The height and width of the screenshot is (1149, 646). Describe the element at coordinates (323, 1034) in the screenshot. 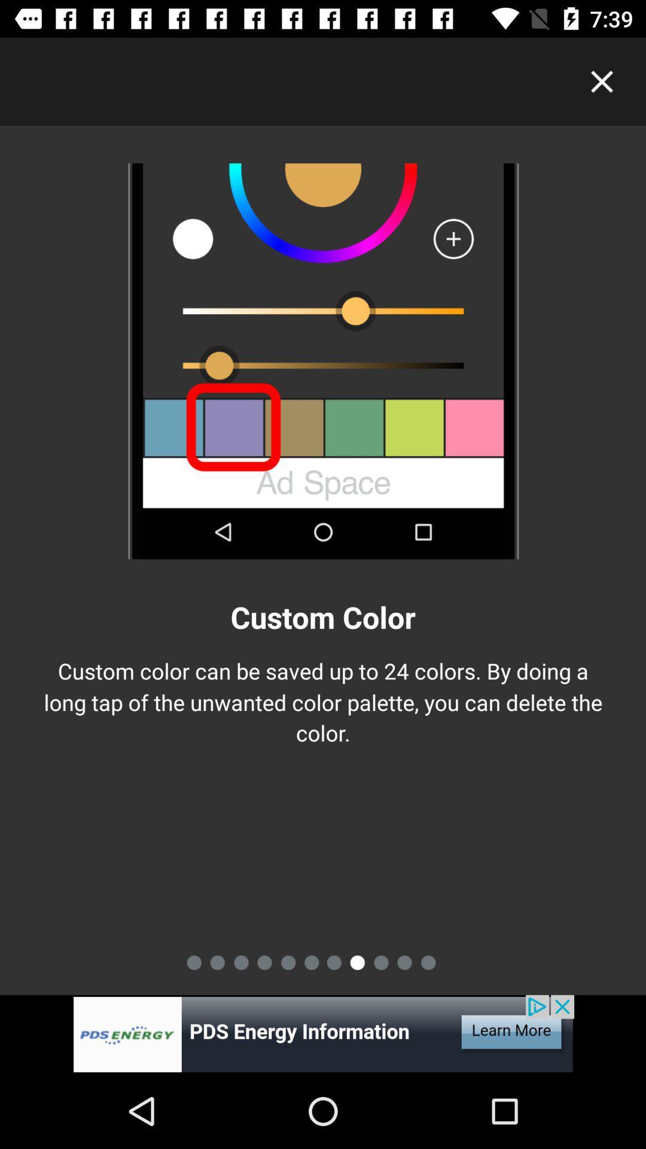

I see `the advertisement` at that location.